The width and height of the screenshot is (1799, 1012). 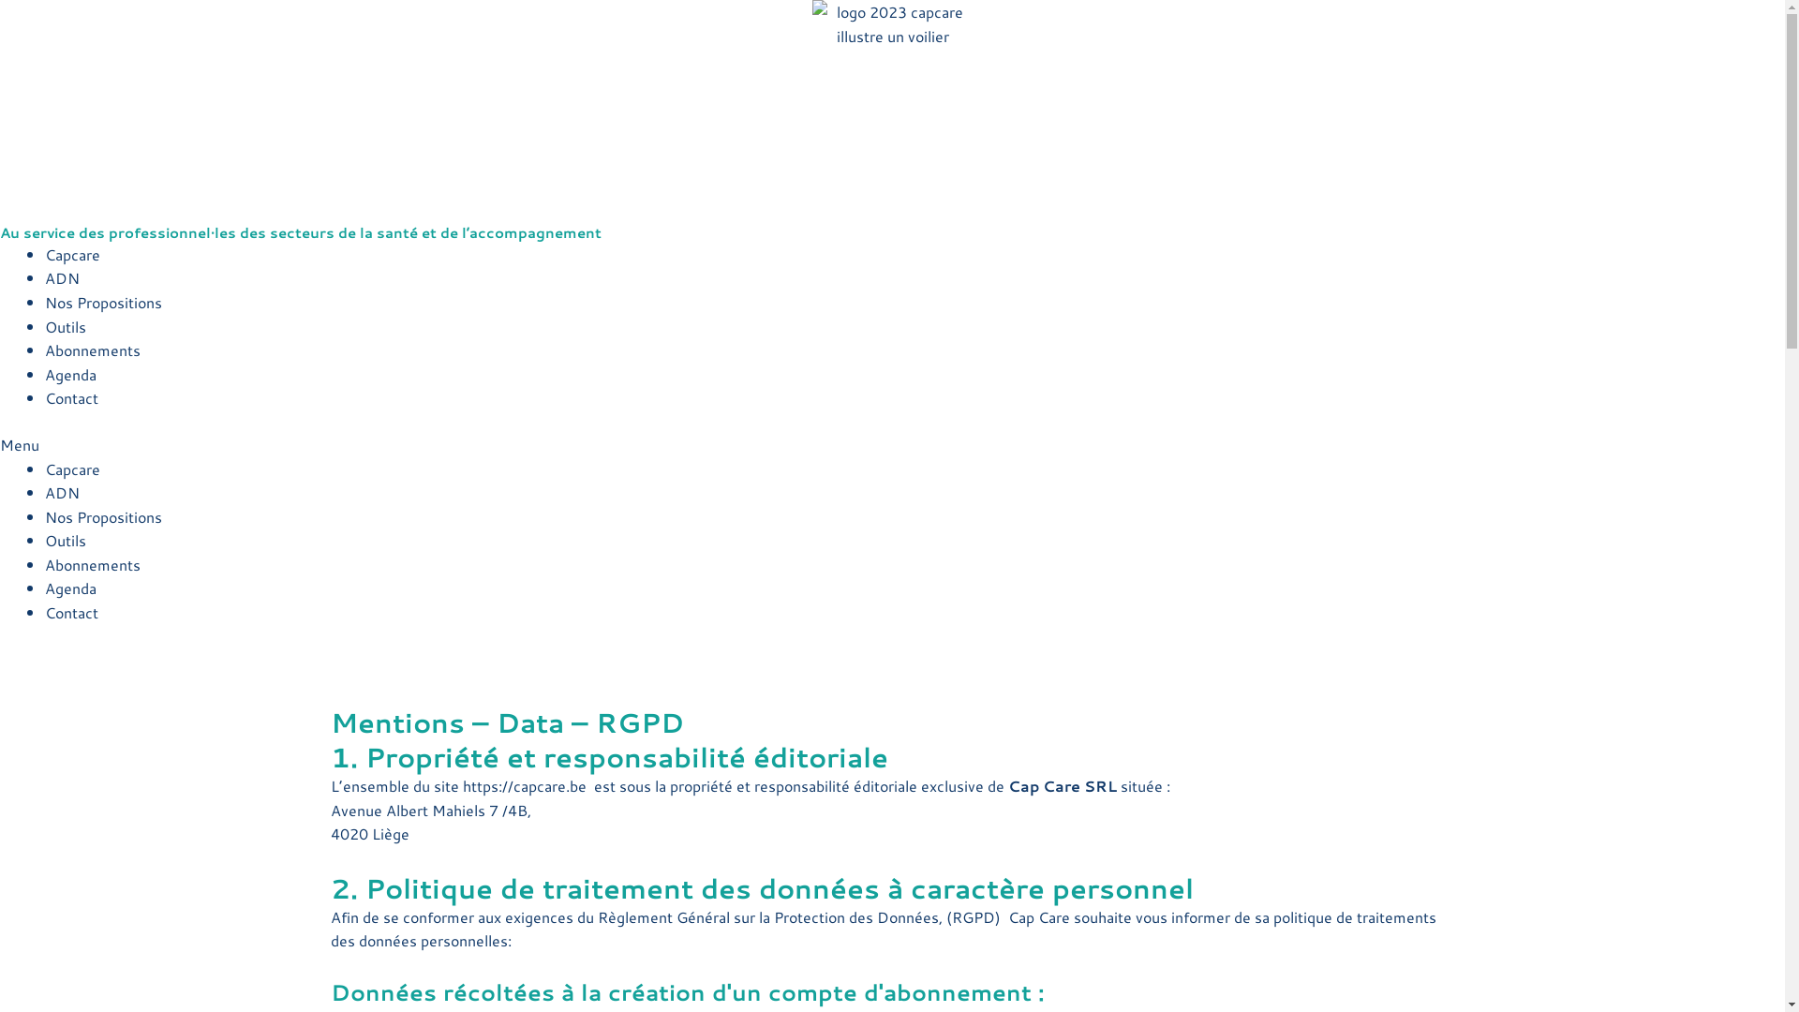 I want to click on 'ADN', so click(x=62, y=491).